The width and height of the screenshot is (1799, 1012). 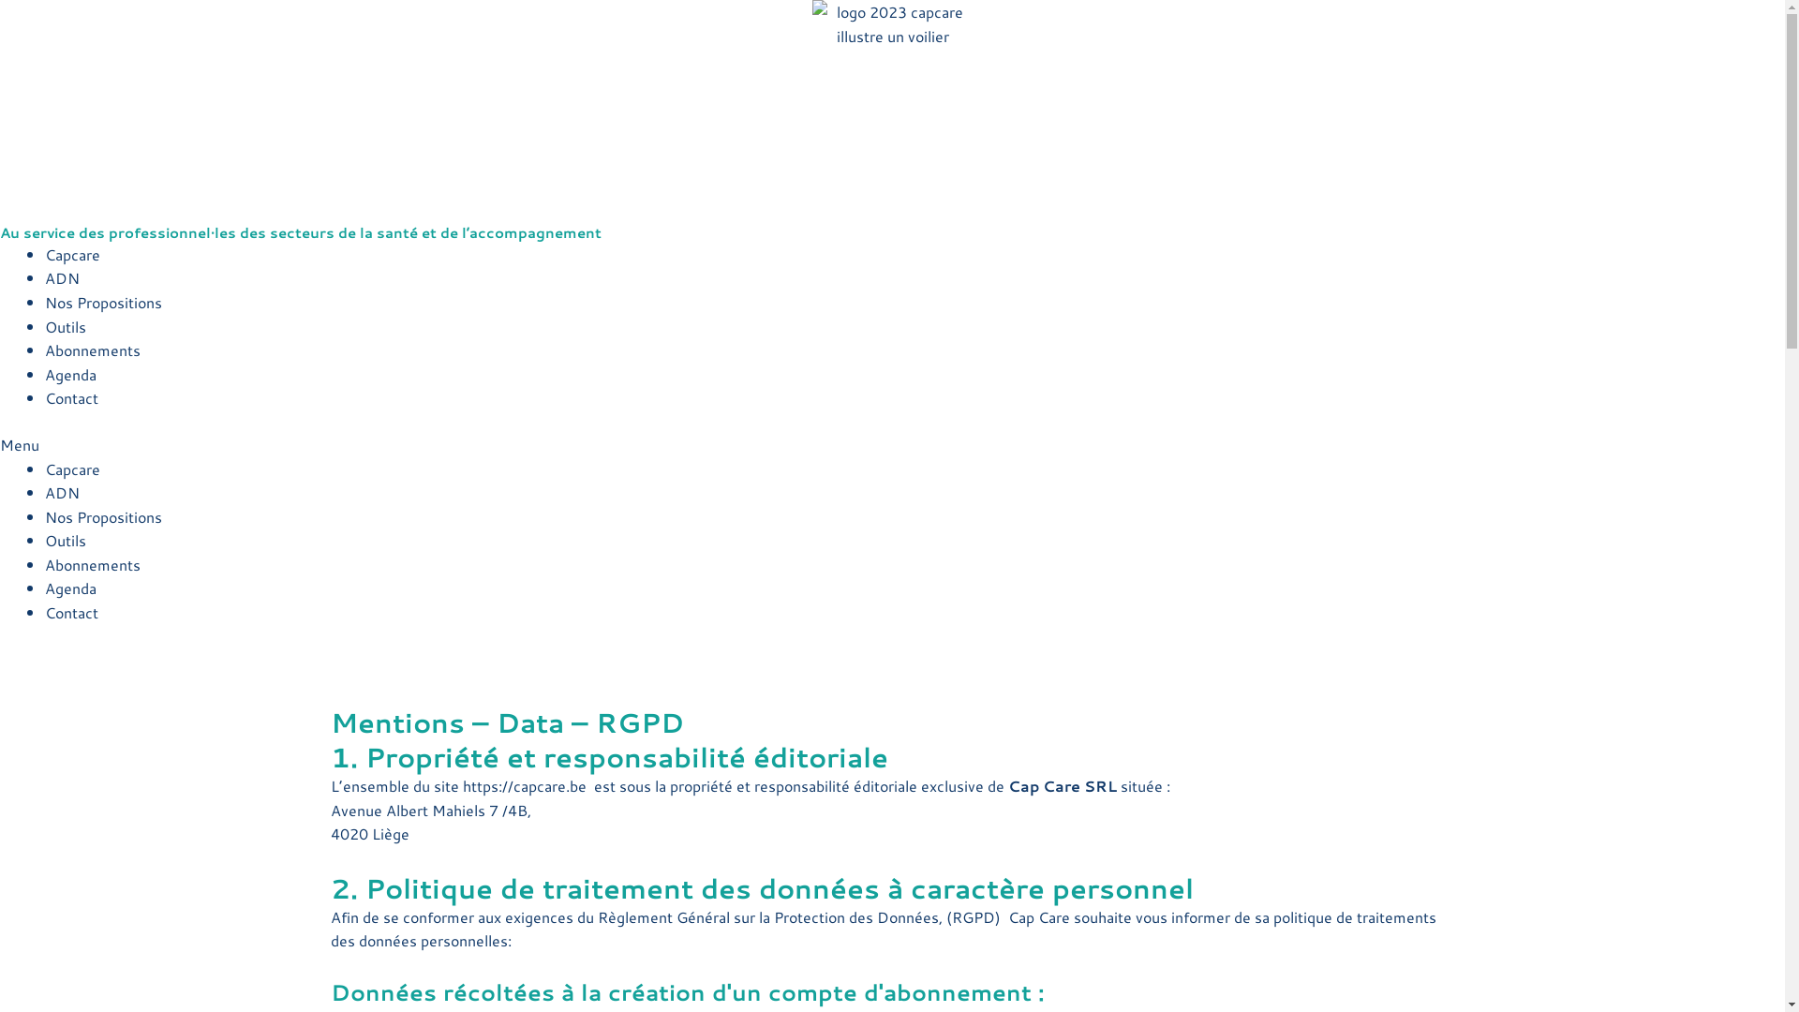 I want to click on 'ADN', so click(x=62, y=491).